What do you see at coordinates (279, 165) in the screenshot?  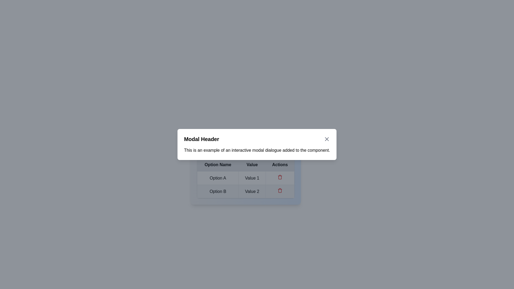 I see `the third column header cell of the table, which is part of a modal dialog box and indicates actions related to the items in the table rows below` at bounding box center [279, 165].